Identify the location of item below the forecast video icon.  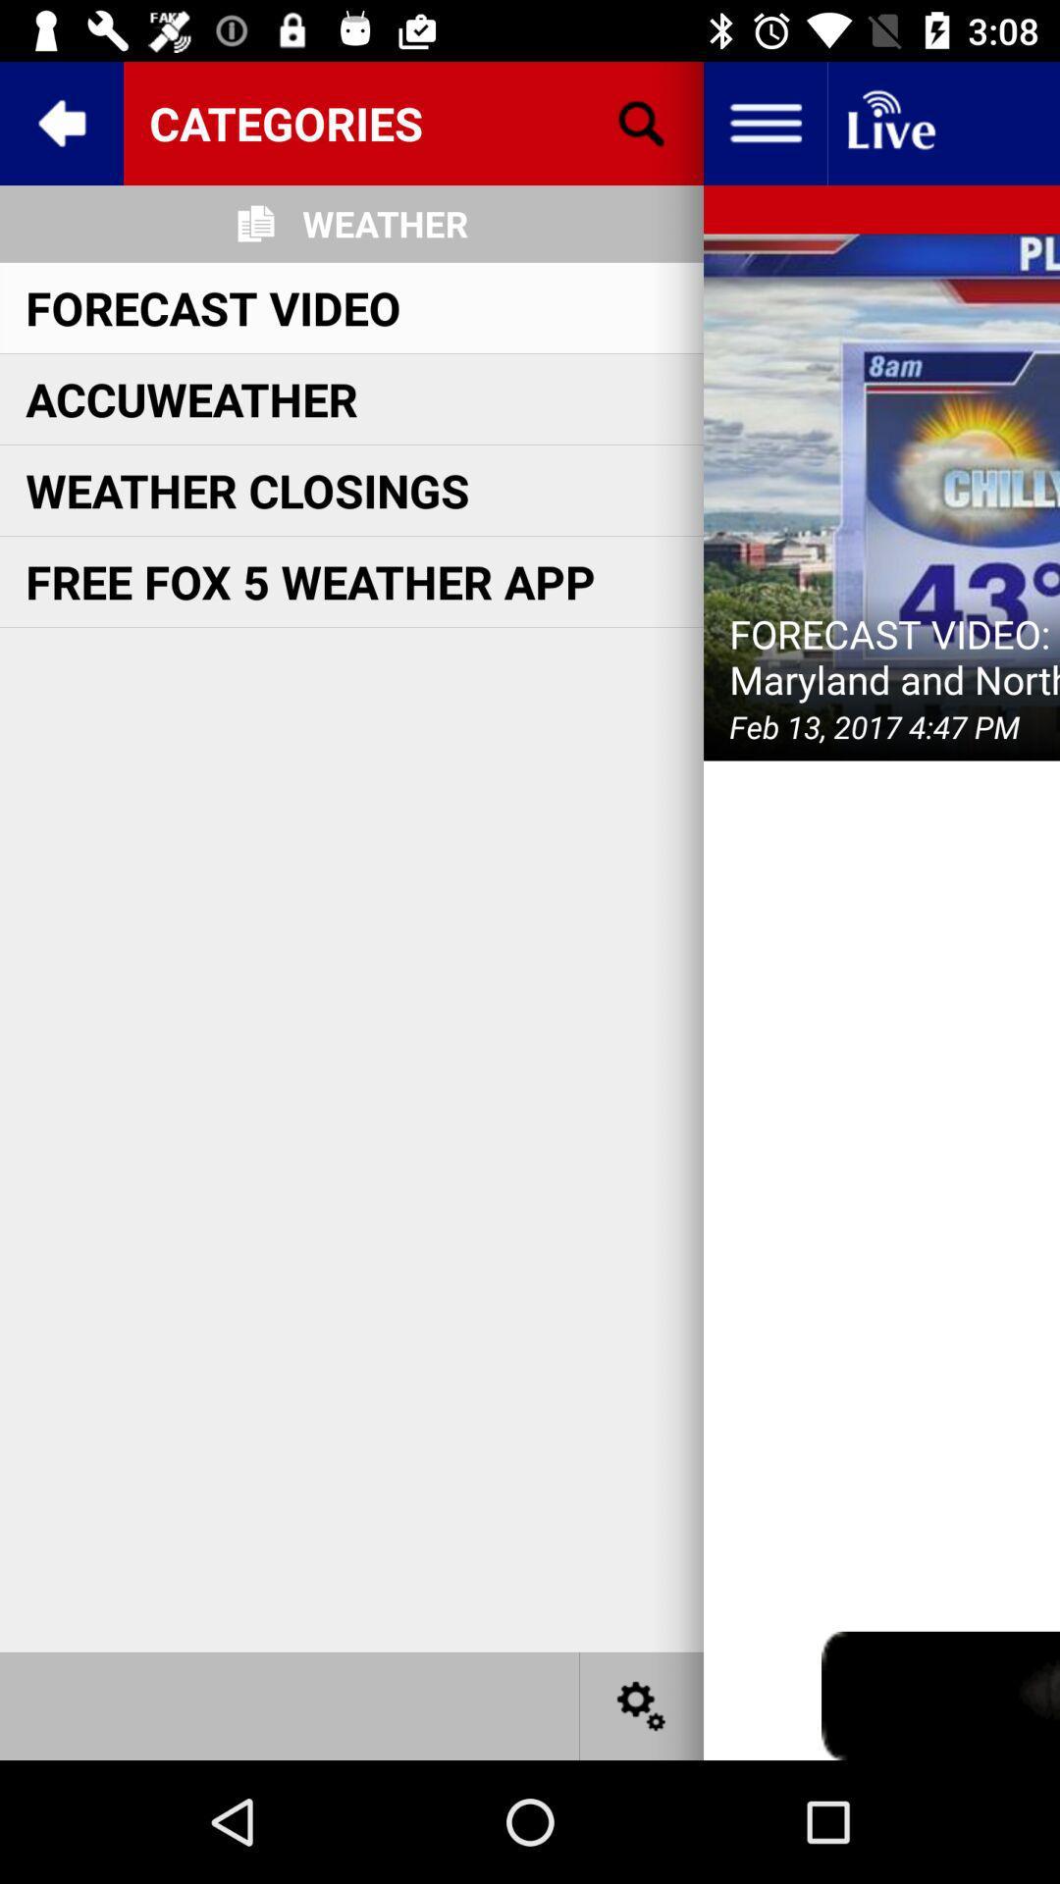
(191, 397).